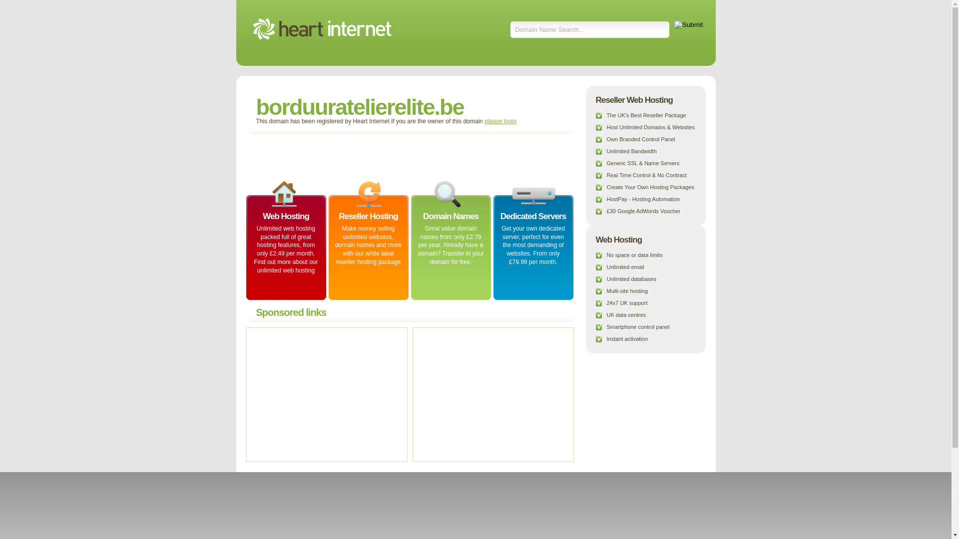  Describe the element at coordinates (326, 394) in the screenshot. I see `'Advertisement'` at that location.